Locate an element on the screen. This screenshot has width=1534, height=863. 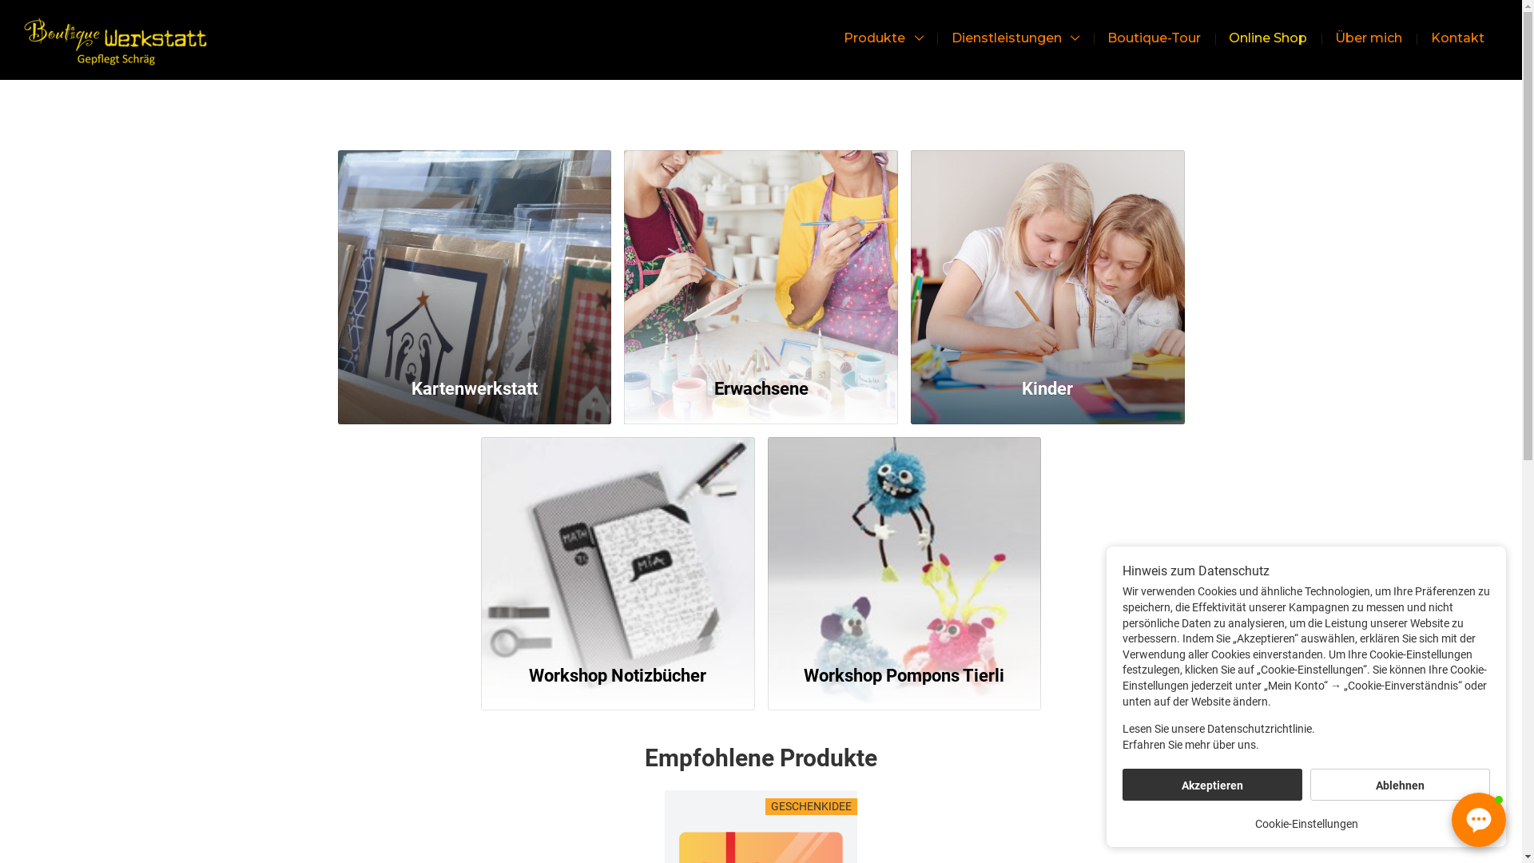
'Produkte' is located at coordinates (882, 38).